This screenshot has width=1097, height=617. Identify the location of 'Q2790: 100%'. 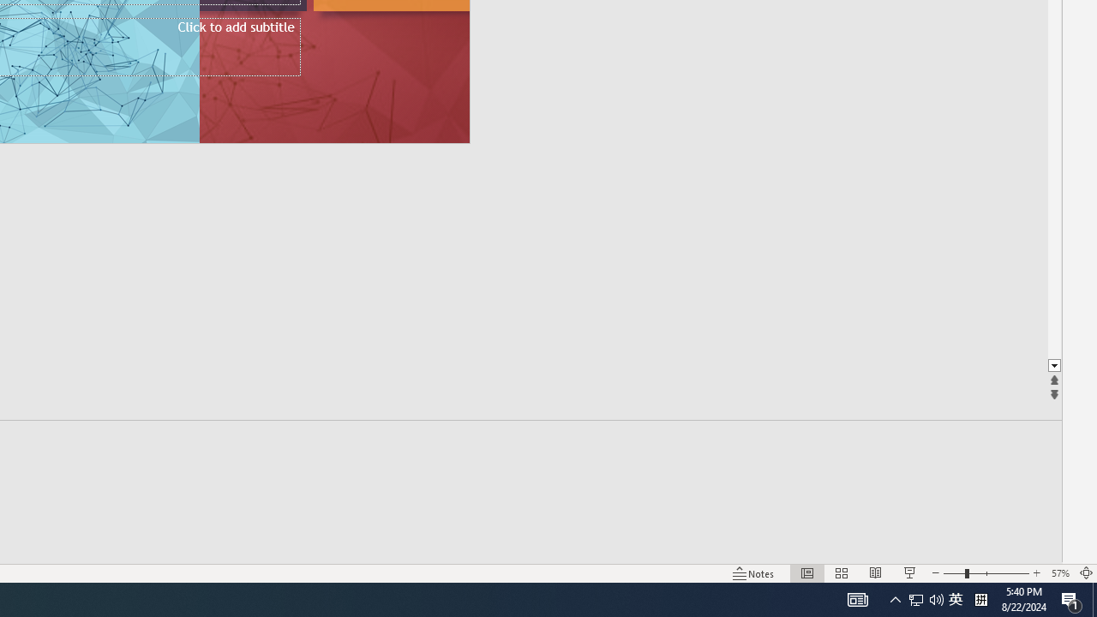
(936, 598).